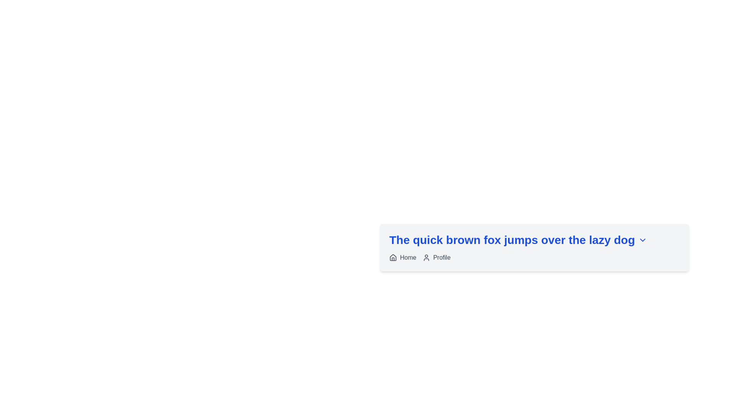 The height and width of the screenshot is (413, 735). What do you see at coordinates (393, 258) in the screenshot?
I see `the home button icon located in the lower-left corner of the horizontal navigation bar to trigger a tooltip` at bounding box center [393, 258].